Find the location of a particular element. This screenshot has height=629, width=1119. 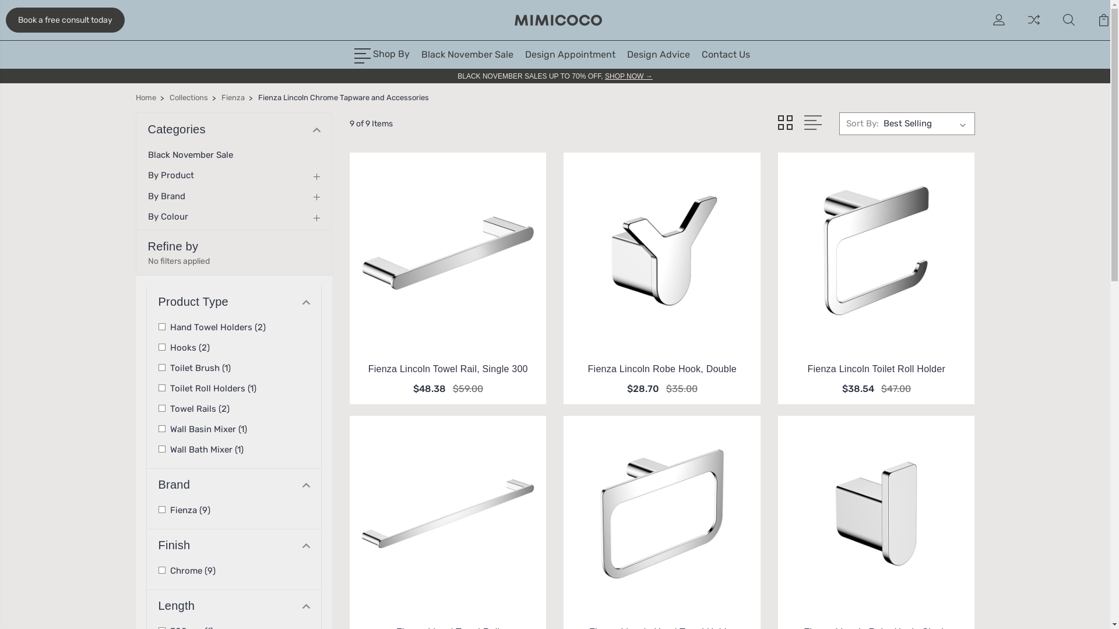

'Wall Basin Mixer (1)' is located at coordinates (234, 429).